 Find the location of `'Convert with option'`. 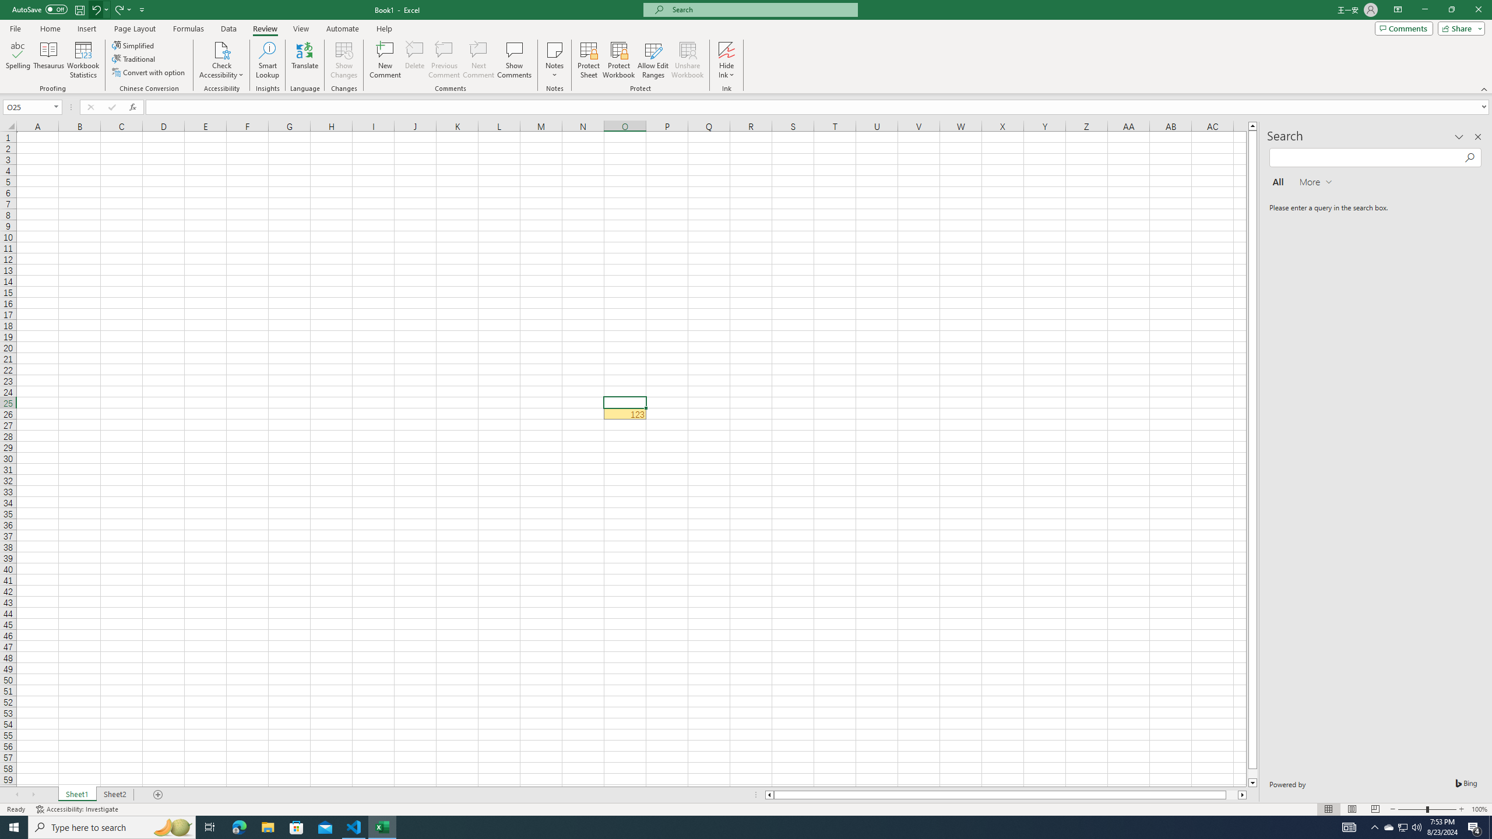

'Convert with option' is located at coordinates (149, 71).